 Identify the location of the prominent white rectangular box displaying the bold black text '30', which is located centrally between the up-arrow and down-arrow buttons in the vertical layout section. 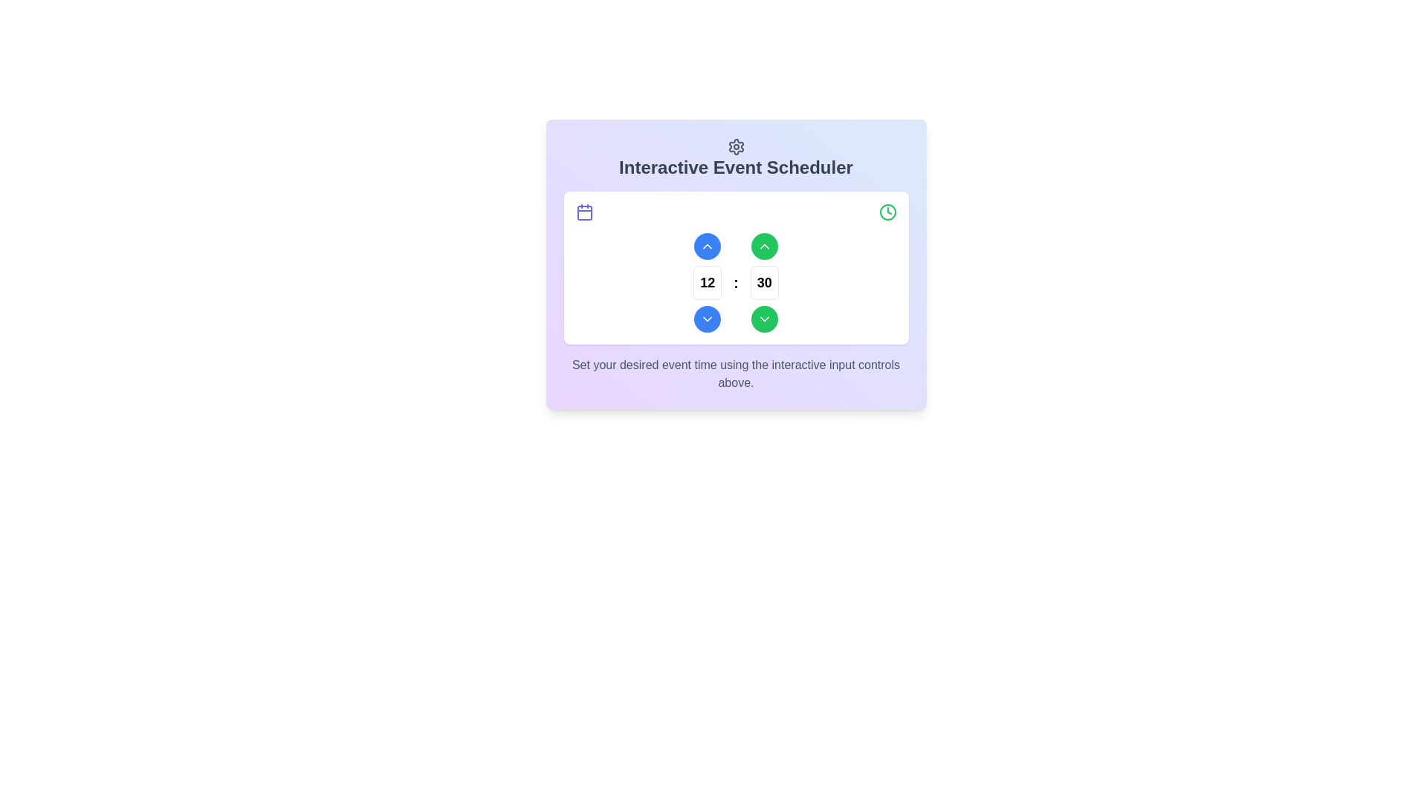
(764, 282).